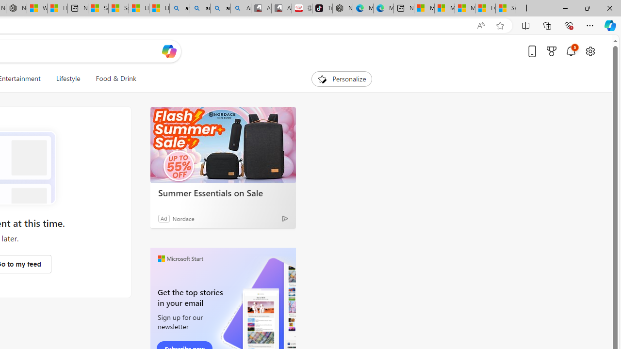 The image size is (621, 349). Describe the element at coordinates (116, 79) in the screenshot. I see `'Food & Drink'` at that location.